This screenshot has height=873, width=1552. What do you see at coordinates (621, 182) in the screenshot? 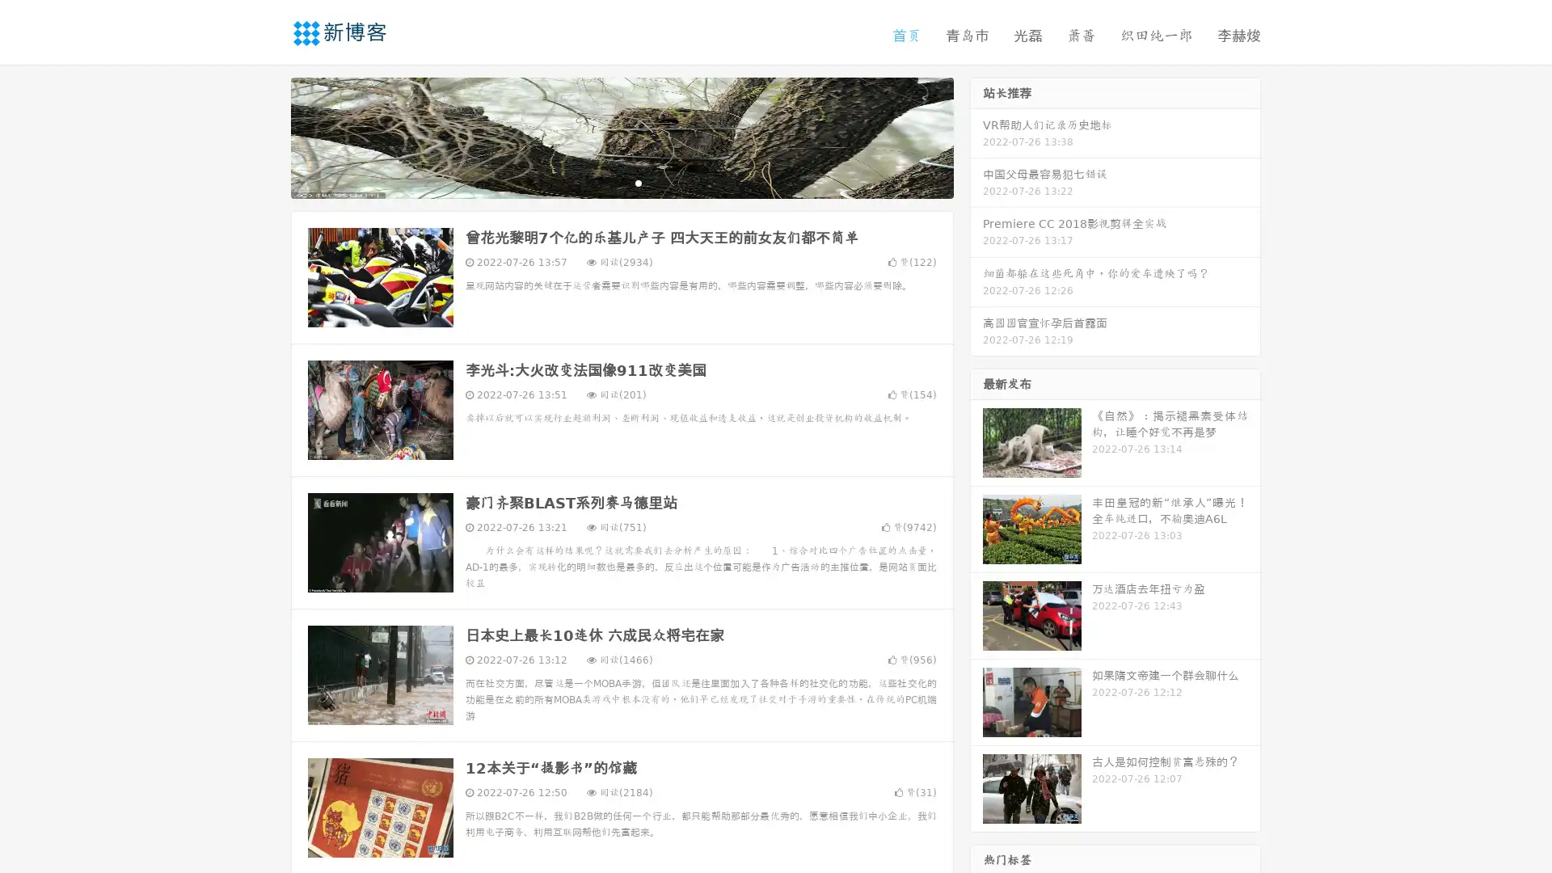
I see `Go to slide 2` at bounding box center [621, 182].